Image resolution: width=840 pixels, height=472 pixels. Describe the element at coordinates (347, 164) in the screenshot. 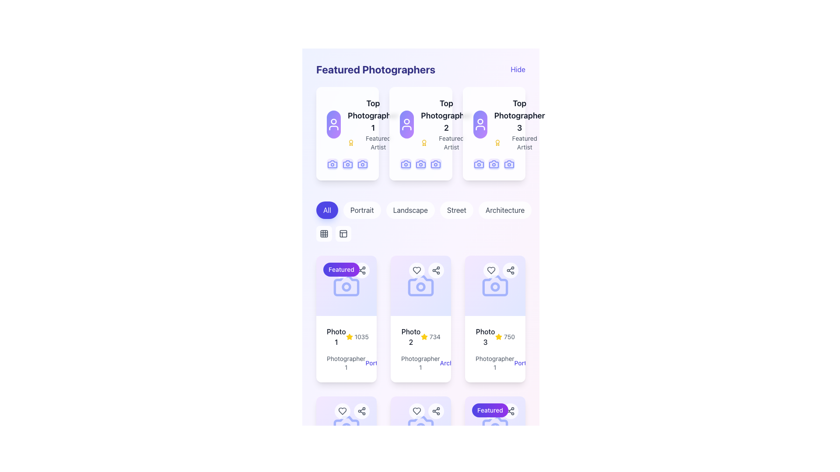

I see `the leftmost camera icon located beneath the text 'Top Photographer 1'` at that location.